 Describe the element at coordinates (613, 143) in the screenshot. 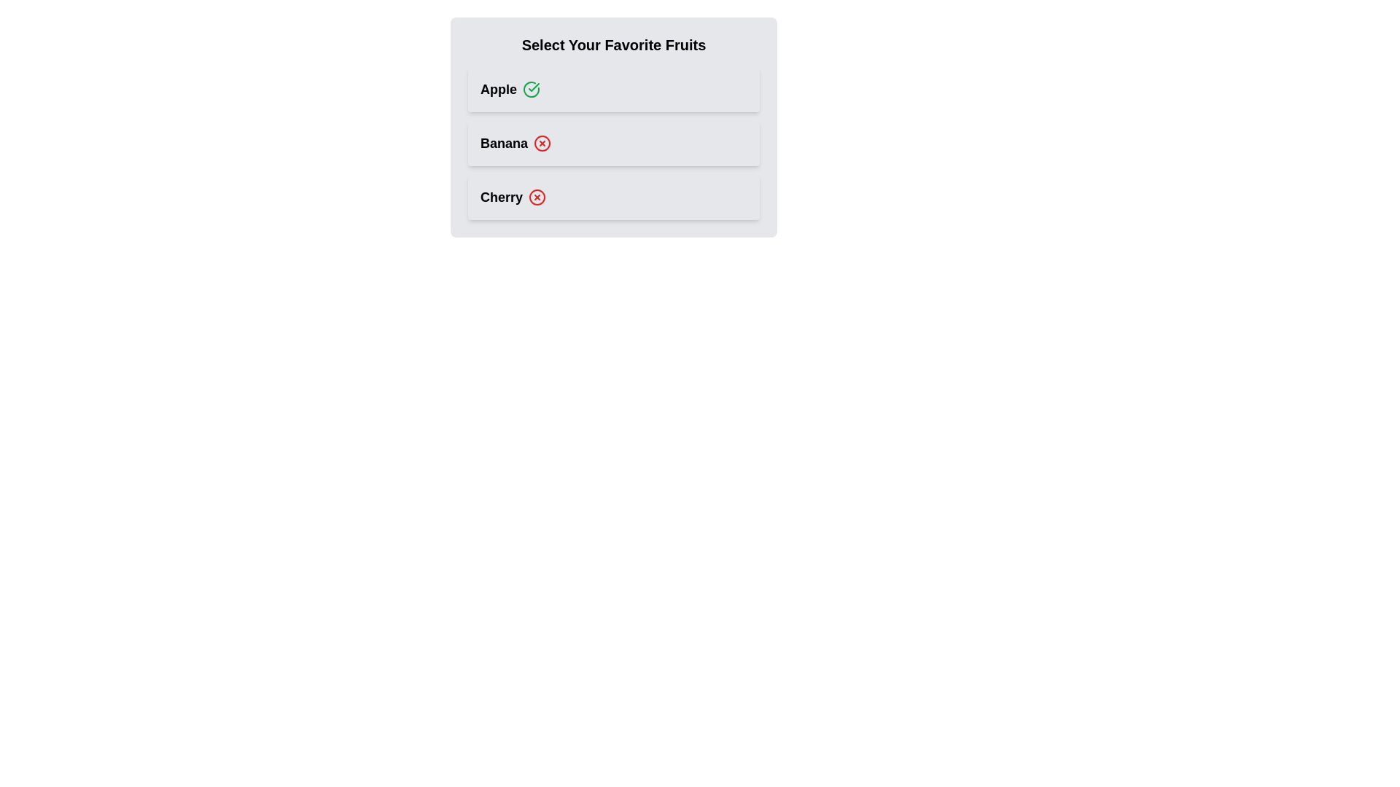

I see `the chip labeled Banana` at that location.